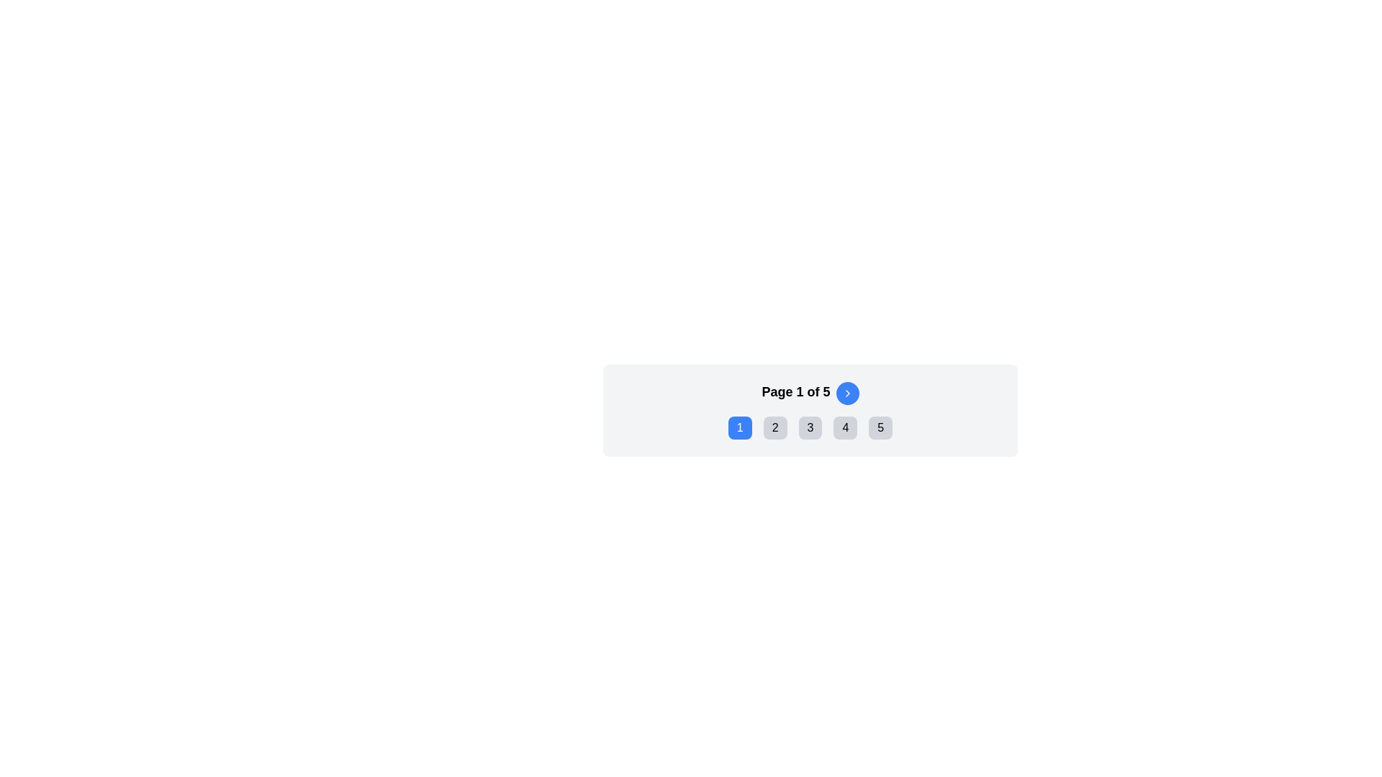 The width and height of the screenshot is (1382, 777). I want to click on the 'Next' button with a blue background located at the far right end of the pagination controls, so click(847, 394).